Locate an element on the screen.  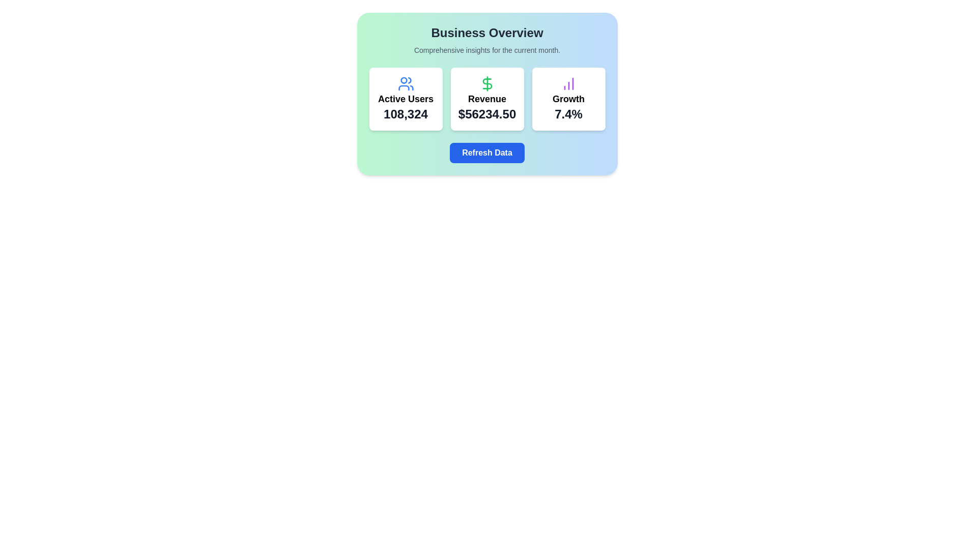
the icon depicting a group of people, which is styled in blue and represents users, located in the first section of the card group under 'Business Overview', above 'Active Users' is located at coordinates (405, 83).